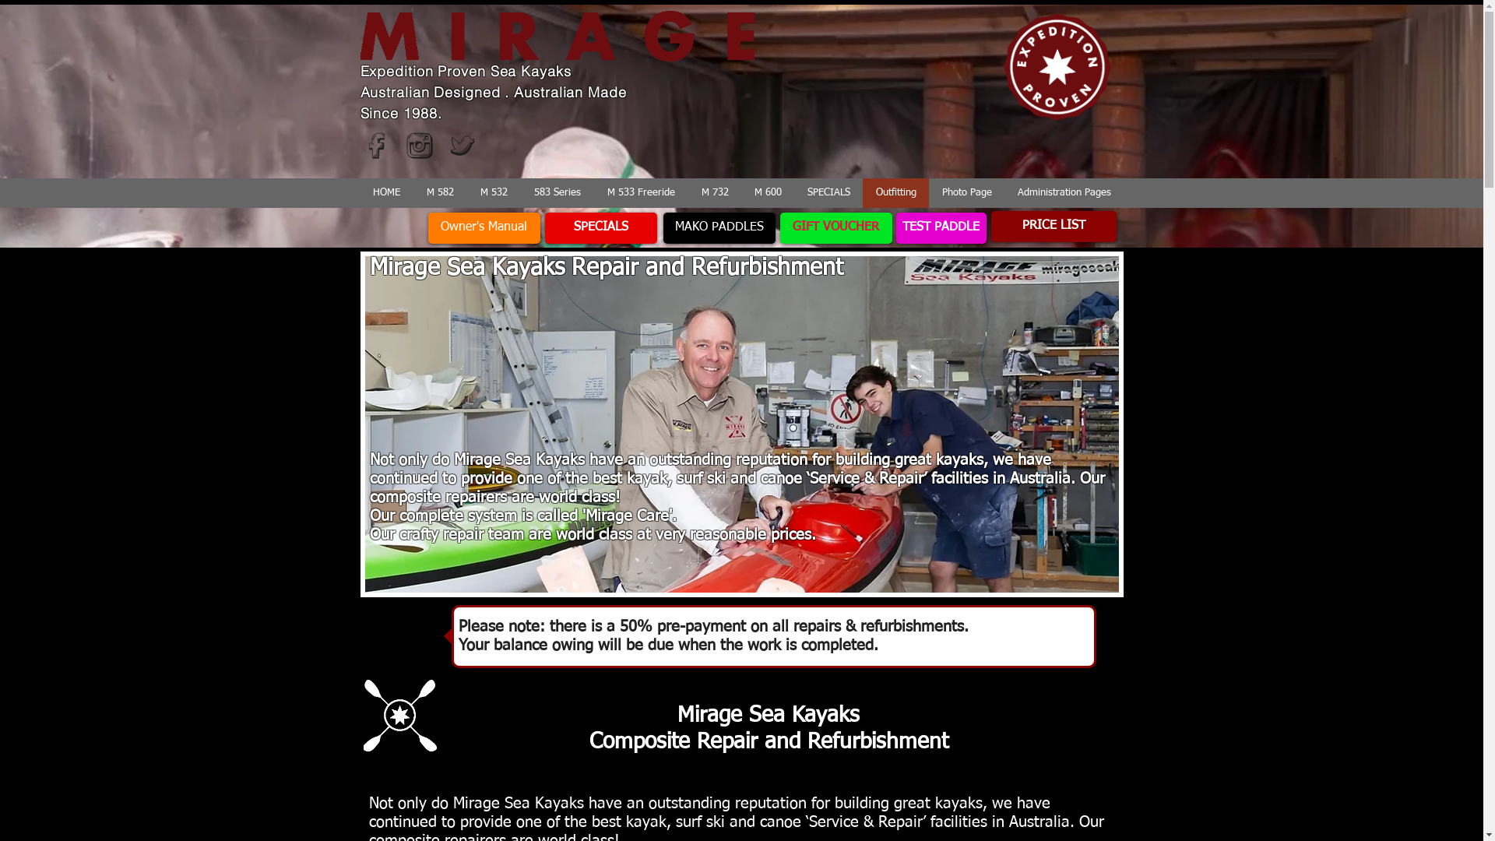  I want to click on 'M 732', so click(713, 192).